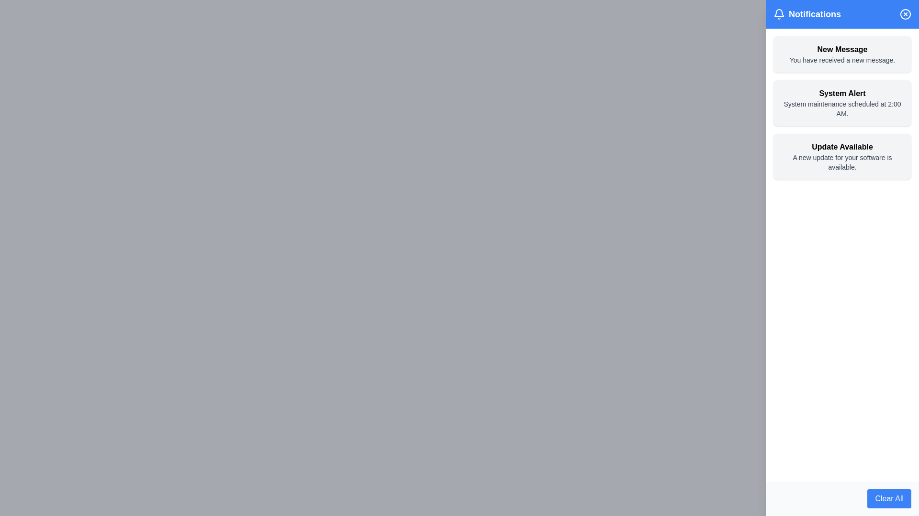 This screenshot has height=516, width=919. What do you see at coordinates (807, 14) in the screenshot?
I see `text 'Notifications' from the Label displaying it in bold font with a bell icon on the left, located at the top of the blue header bar` at bounding box center [807, 14].